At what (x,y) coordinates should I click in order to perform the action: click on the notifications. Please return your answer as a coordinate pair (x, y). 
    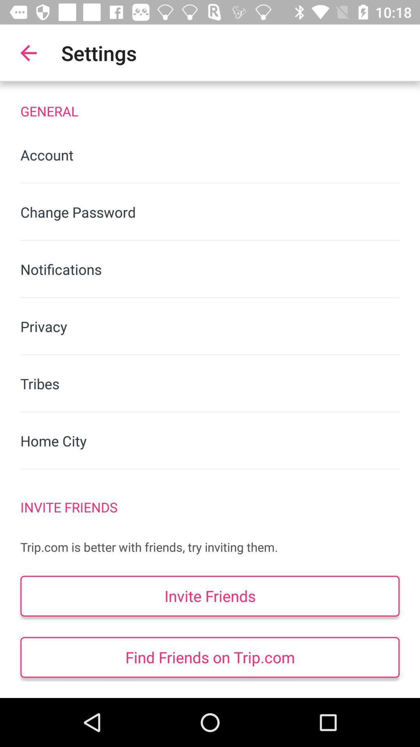
    Looking at the image, I should click on (210, 269).